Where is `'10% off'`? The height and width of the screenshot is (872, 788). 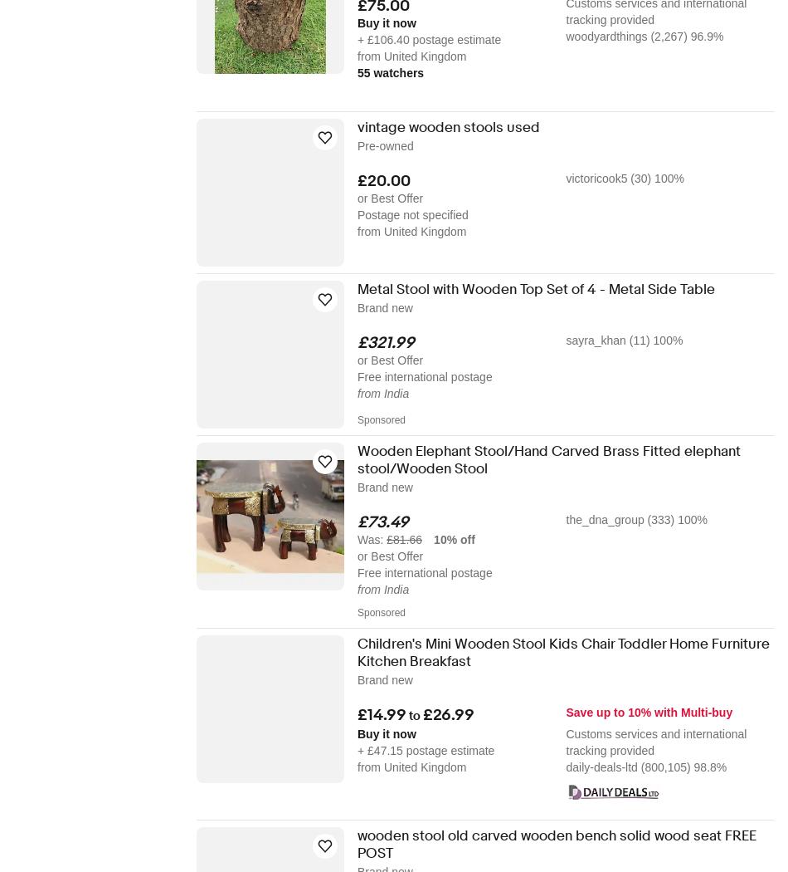 '10% off' is located at coordinates (433, 538).